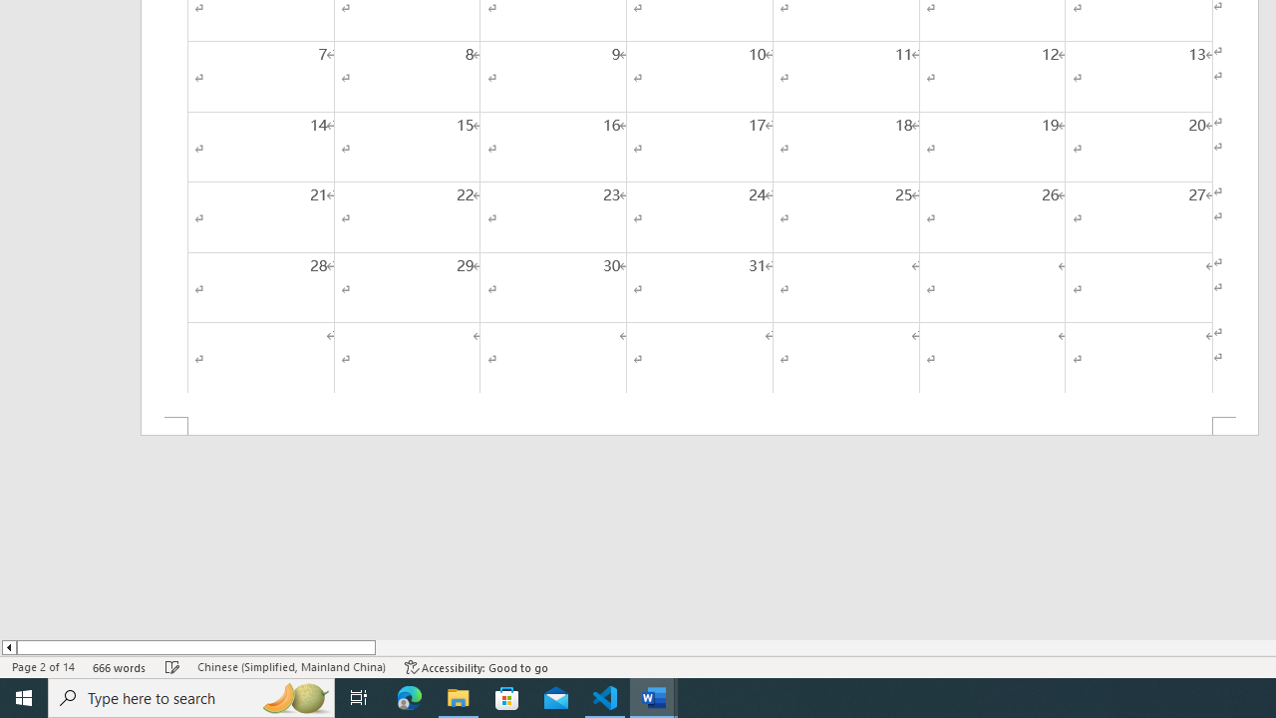 This screenshot has height=718, width=1276. Describe the element at coordinates (290, 667) in the screenshot. I see `'Language Chinese (Simplified, Mainland China)'` at that location.